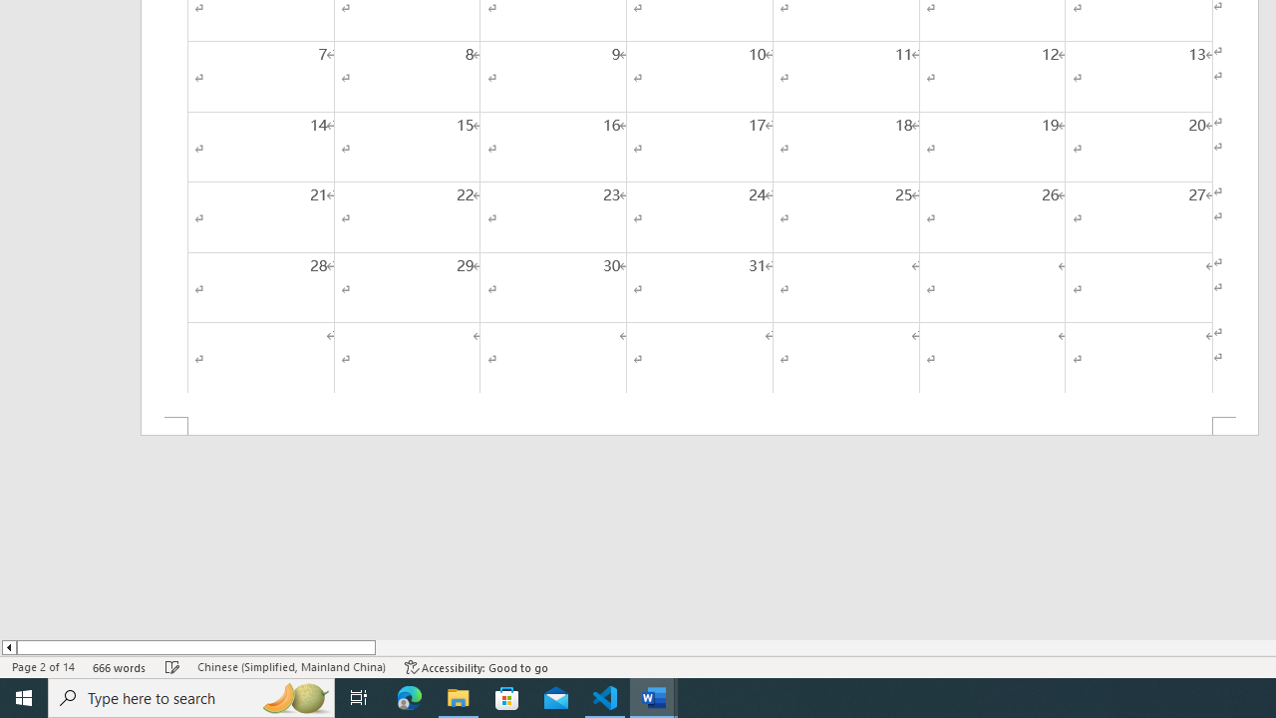 This screenshot has height=718, width=1276. Describe the element at coordinates (290, 667) in the screenshot. I see `'Language Chinese (Simplified, Mainland China)'` at that location.